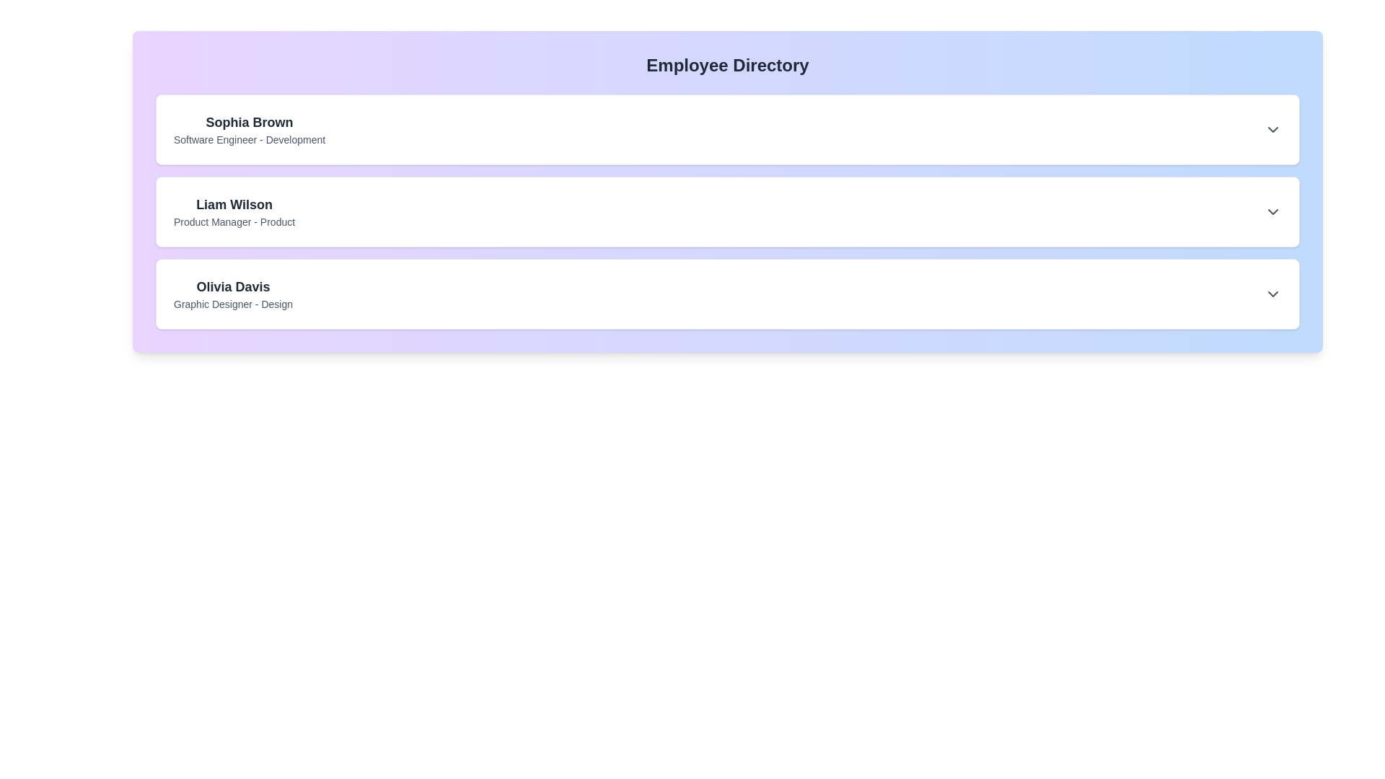 The height and width of the screenshot is (779, 1385). Describe the element at coordinates (1273, 294) in the screenshot. I see `the chevron button located at the extreme right of the card displaying 'Olivia Davis Graphic Designer - Design'` at that location.